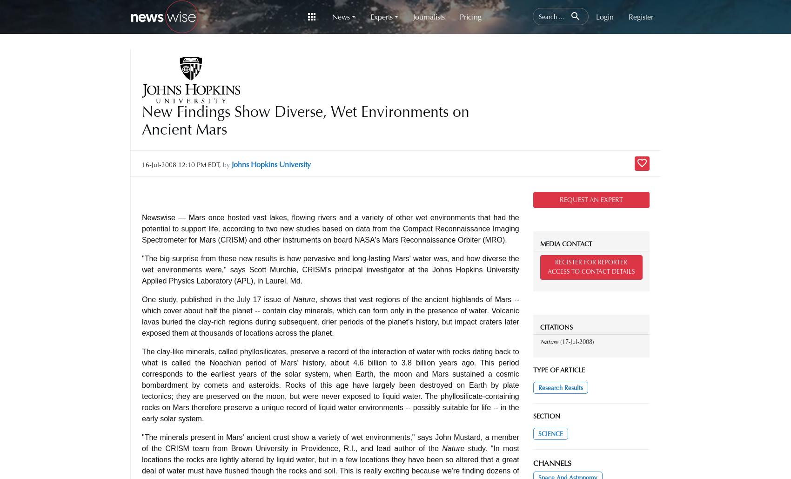 The height and width of the screenshot is (479, 791). I want to click on 'MEDIA CONTACT', so click(565, 243).